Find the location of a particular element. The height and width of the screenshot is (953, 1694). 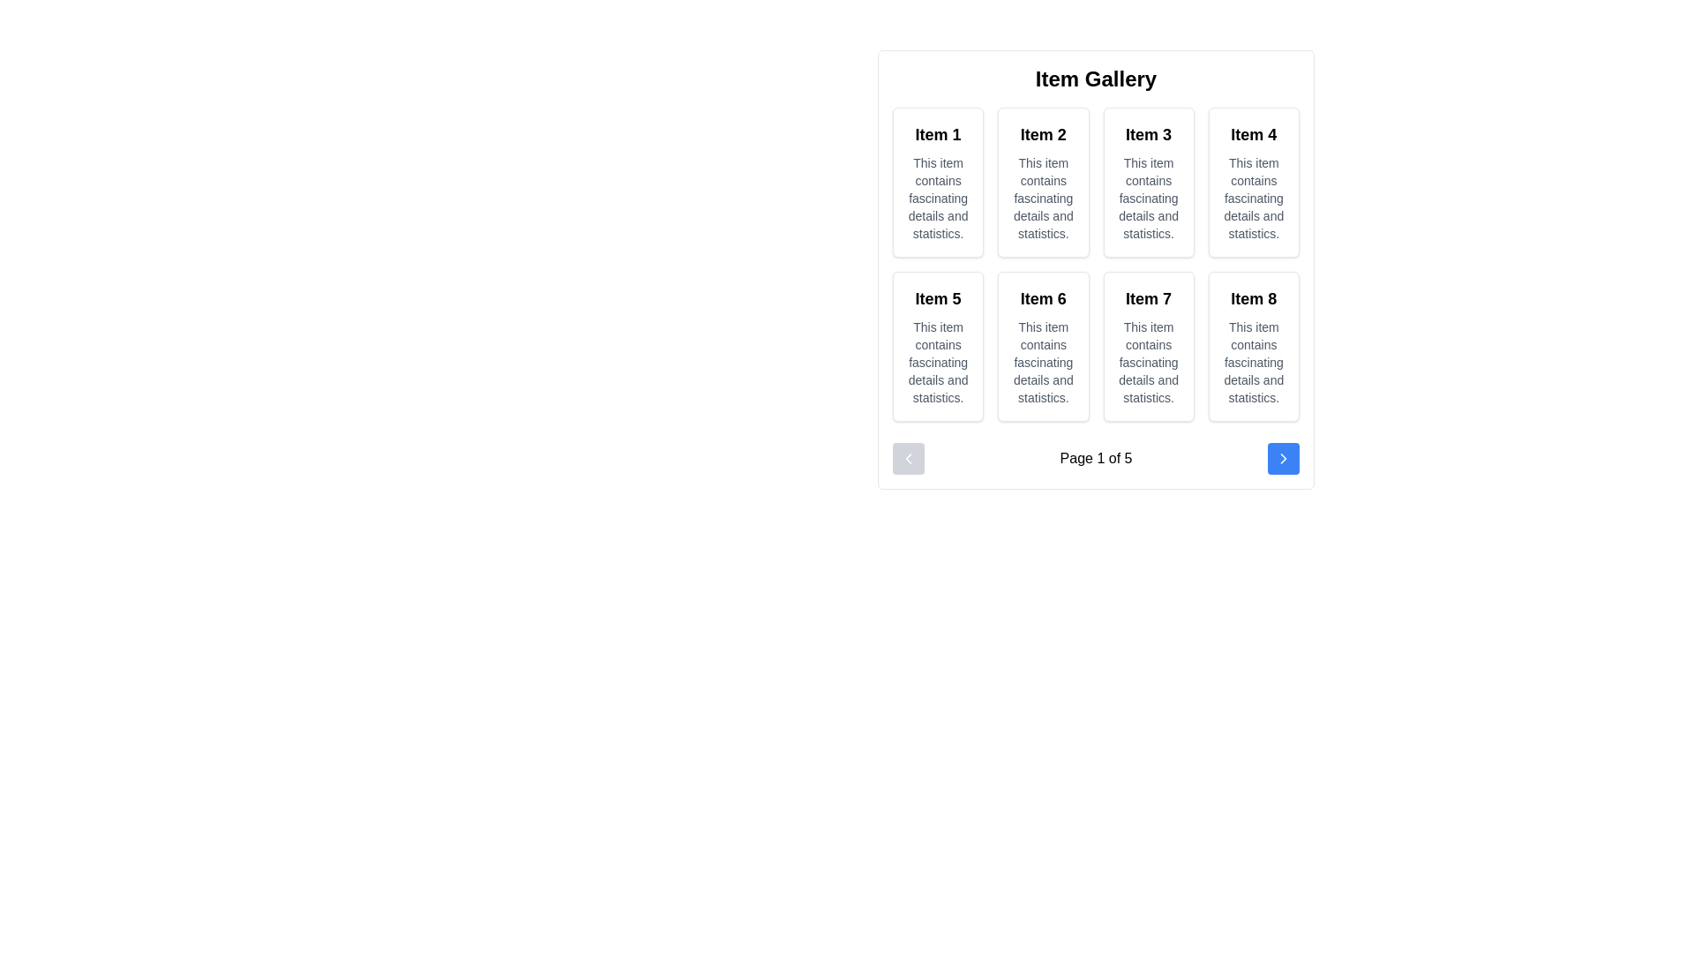

the textual content that reads 'This item contains fascinating details and statistics.' located below the title 'Item 7' in the rounded rectangle card is located at coordinates (1149, 362).